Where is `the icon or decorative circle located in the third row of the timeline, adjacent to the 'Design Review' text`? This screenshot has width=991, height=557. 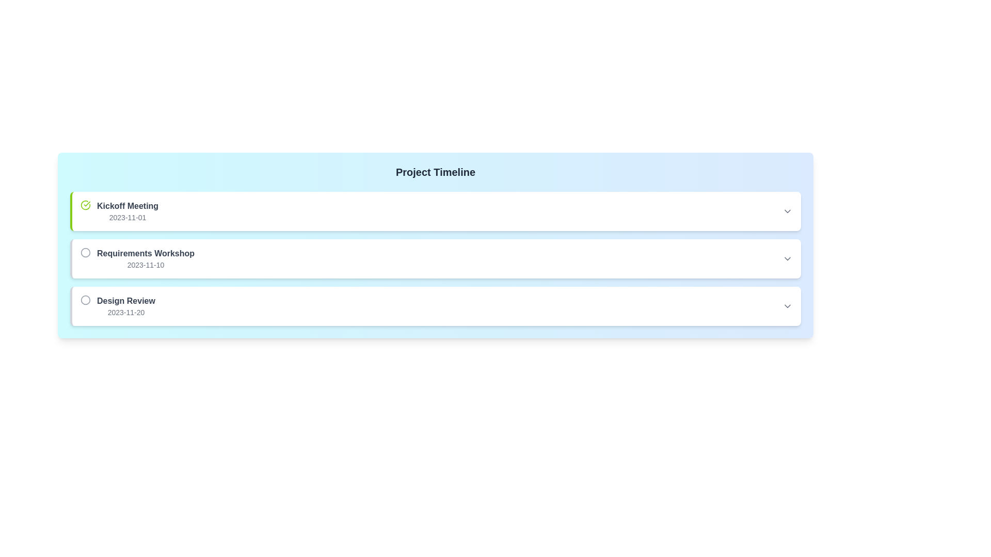 the icon or decorative circle located in the third row of the timeline, adjacent to the 'Design Review' text is located at coordinates (86, 300).